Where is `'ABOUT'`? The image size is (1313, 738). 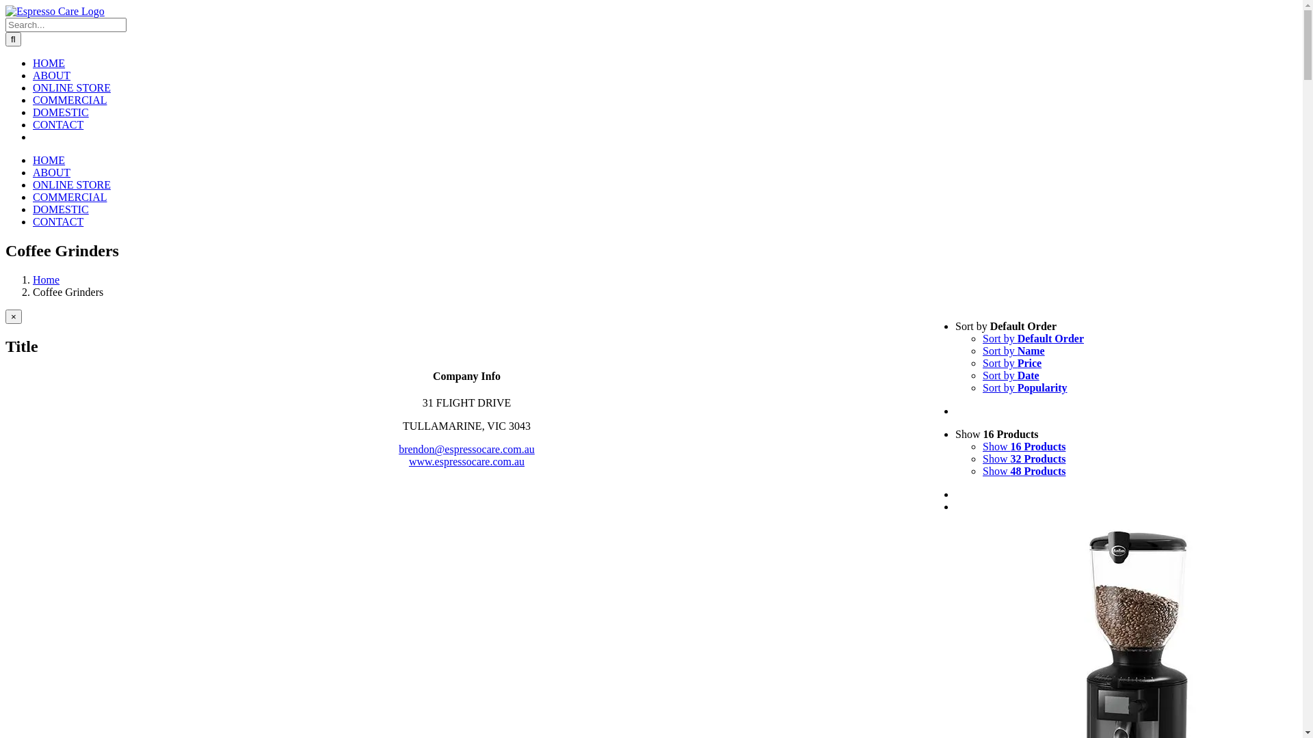 'ABOUT' is located at coordinates (51, 172).